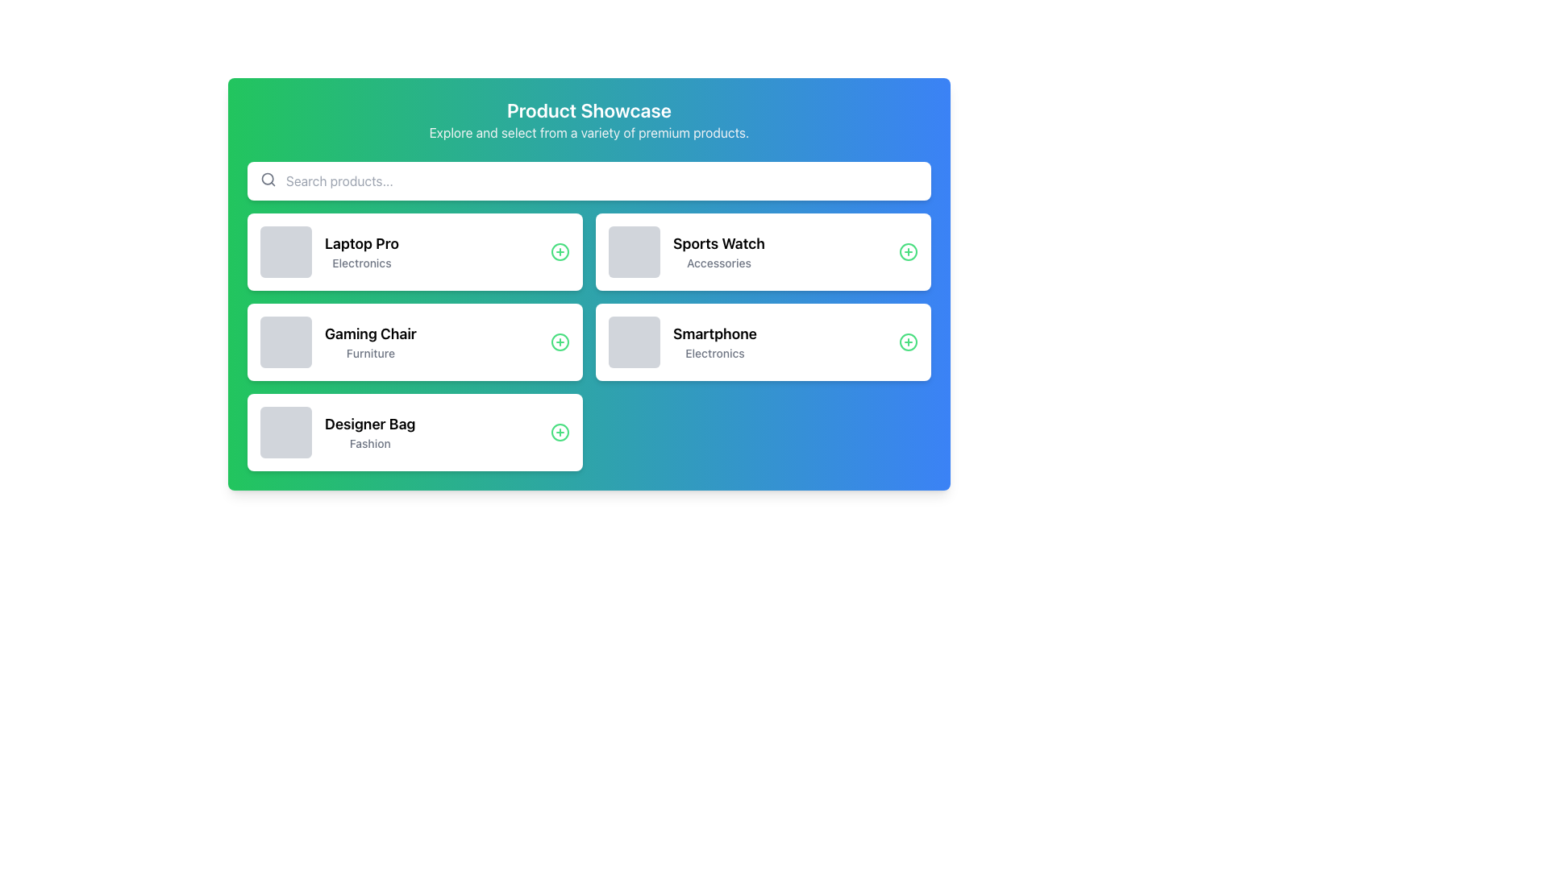 The width and height of the screenshot is (1548, 870). I want to click on information of the 'Gaming Chair' product description label located in the second row, first column of the grid layout, which is below the 'Laptop Pro' and above 'Designer Bag.', so click(337, 341).